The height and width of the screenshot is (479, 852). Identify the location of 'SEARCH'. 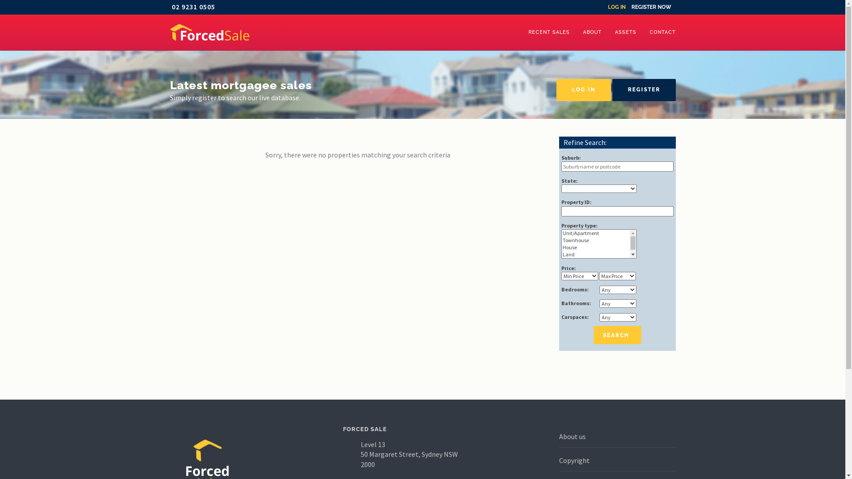
(594, 335).